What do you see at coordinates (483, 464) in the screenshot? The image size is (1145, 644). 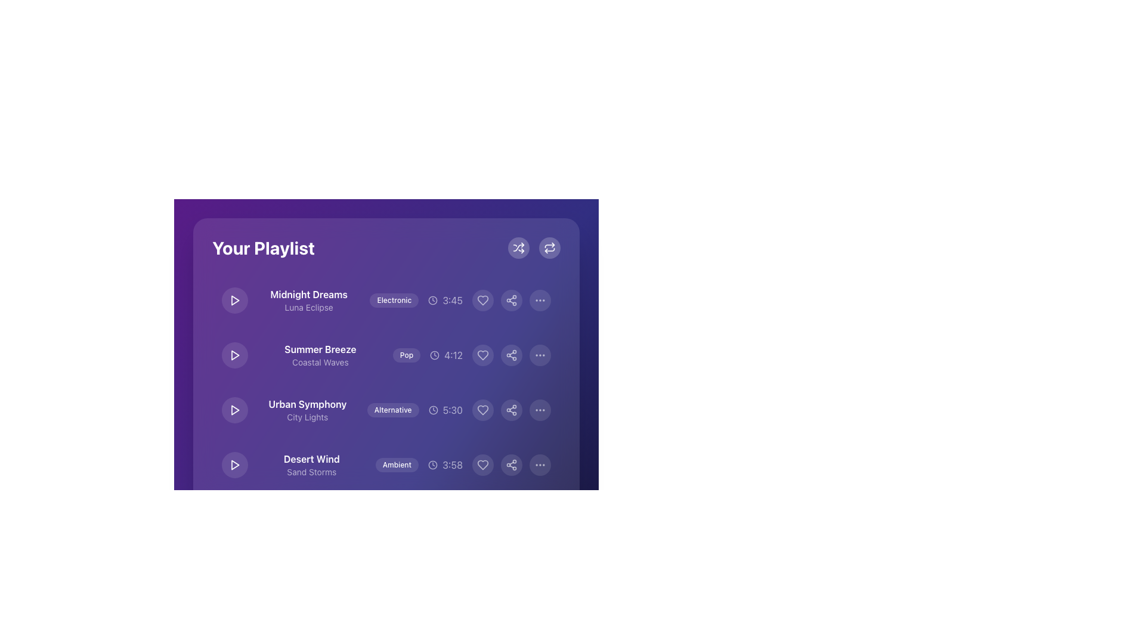 I see `the heart icon button located in the fourth row of the playlist interface, adjacent to the song details for 'Desert Wind'` at bounding box center [483, 464].